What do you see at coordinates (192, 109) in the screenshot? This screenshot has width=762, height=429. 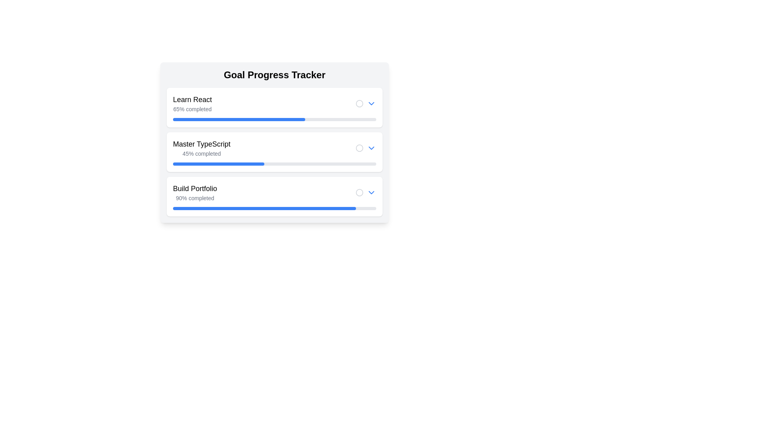 I see `the Text Display showing '65% completed' progress status, which is styled in light gray and located under 'Learn React'` at bounding box center [192, 109].